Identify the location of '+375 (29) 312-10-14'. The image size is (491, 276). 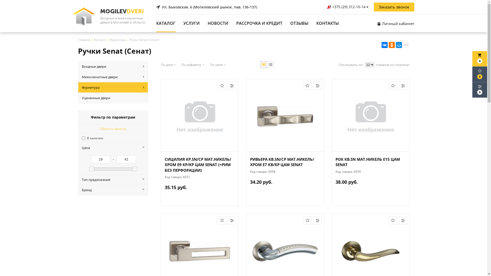
(327, 7).